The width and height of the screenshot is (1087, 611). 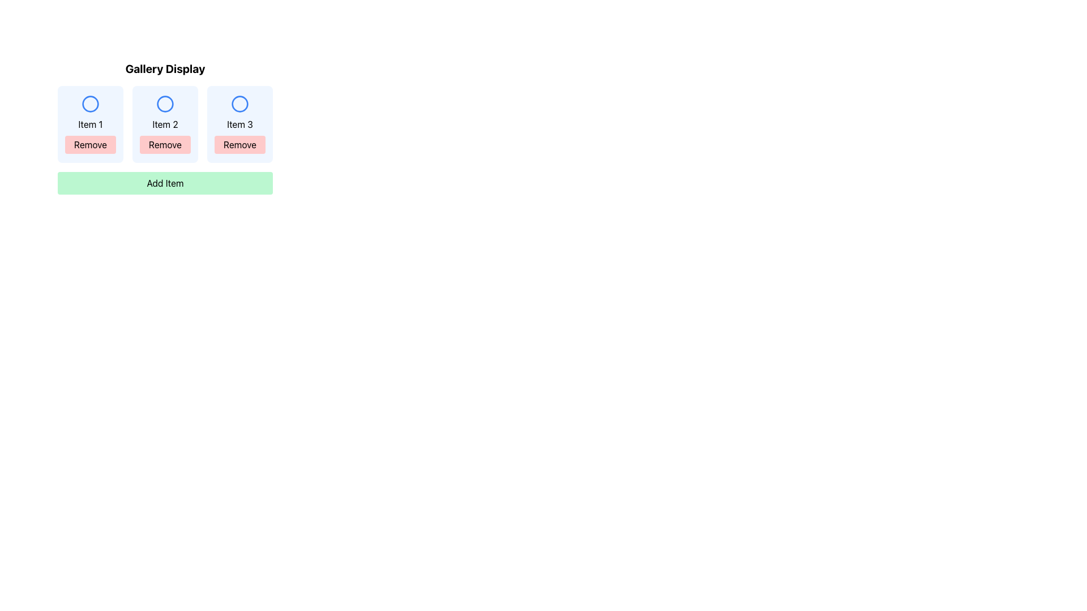 What do you see at coordinates (239, 124) in the screenshot?
I see `the Text Label that displays the name or title of an item, located in the third column beneath a blue-outlined circle and above a pink 'Remove' button` at bounding box center [239, 124].